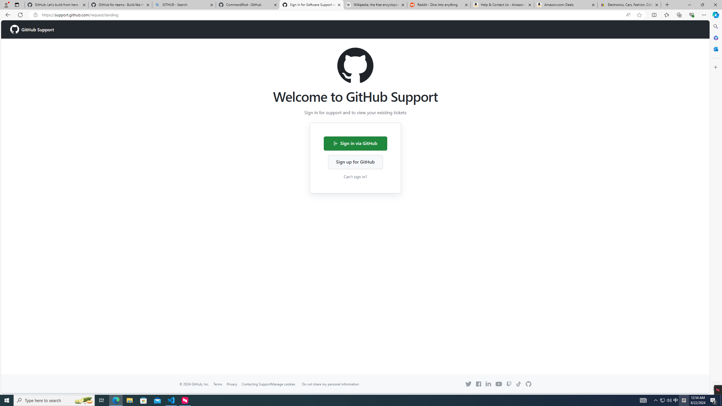 The height and width of the screenshot is (406, 722). I want to click on 'Class: mr-3', so click(478, 384).